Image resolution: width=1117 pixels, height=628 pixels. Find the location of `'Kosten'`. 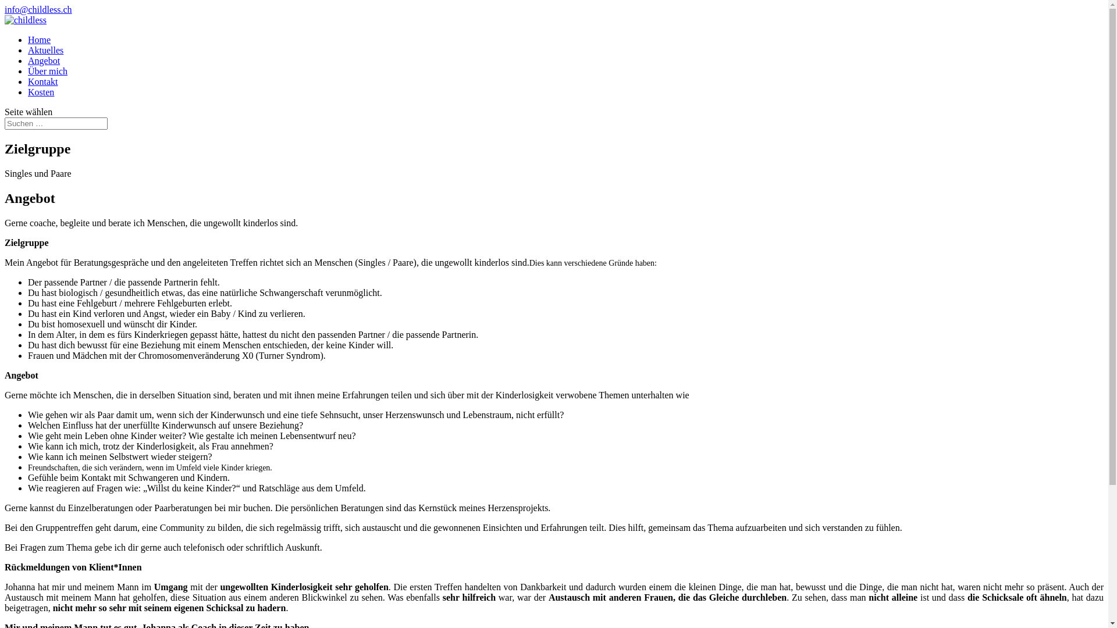

'Kosten' is located at coordinates (41, 91).